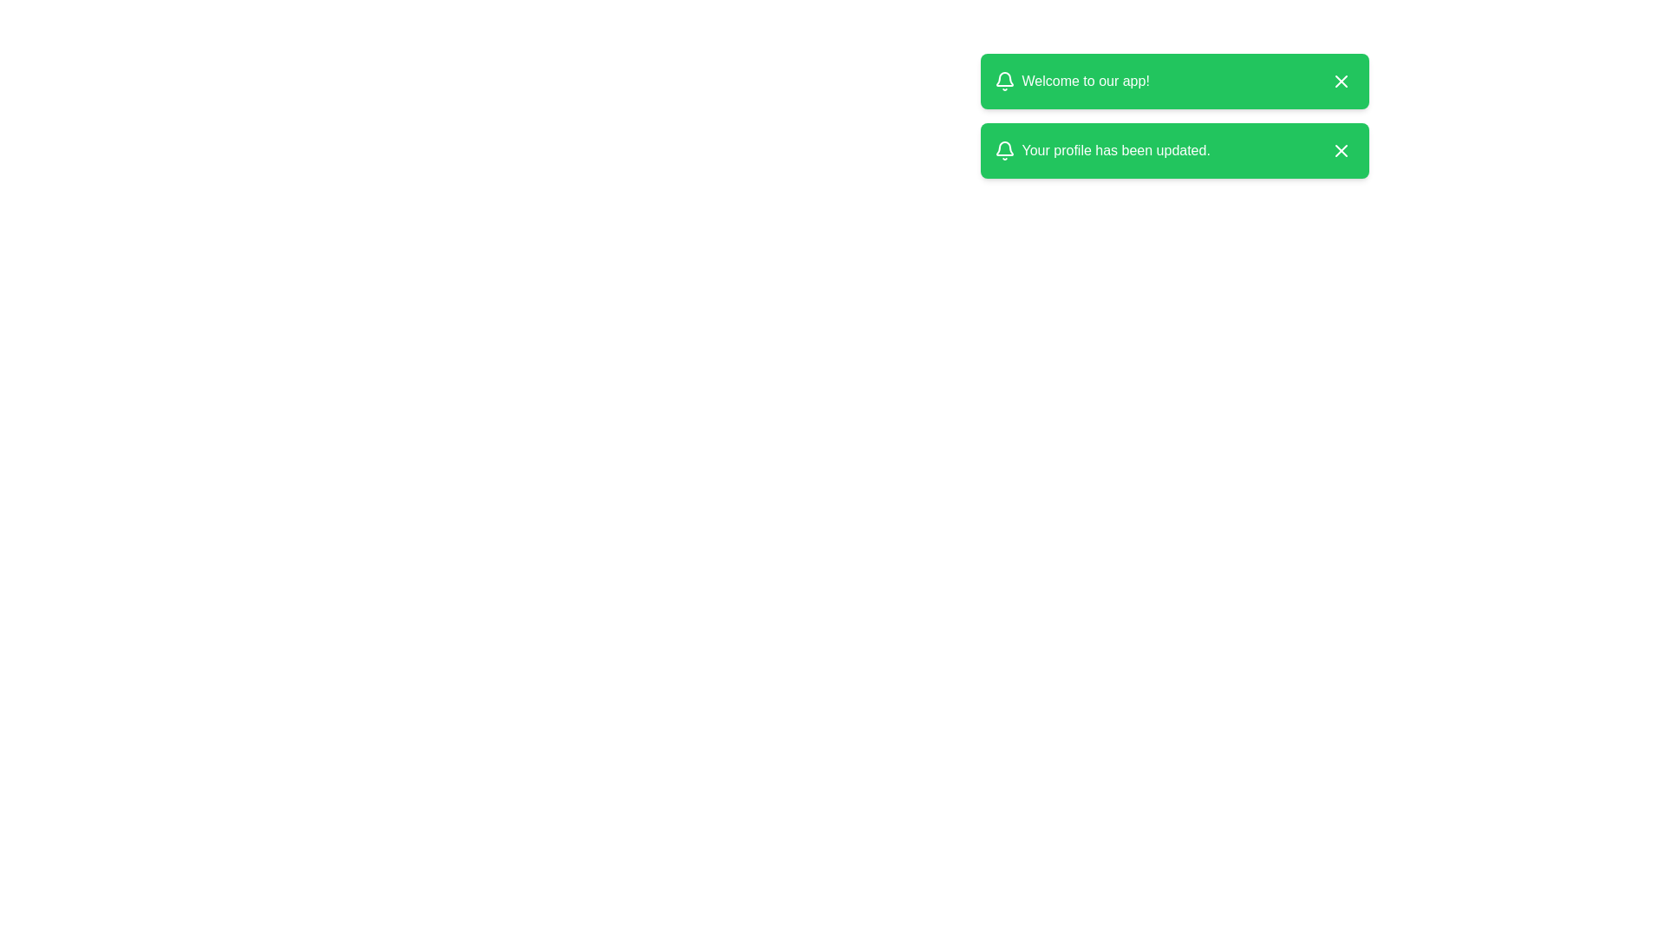 This screenshot has height=937, width=1665. I want to click on the Close Button (Icon) which is a small 'X' shaped icon with a white stroke on a green circular background, located at the top right corner of the green notification bar that says 'Your profile has been updated.', so click(1340, 149).